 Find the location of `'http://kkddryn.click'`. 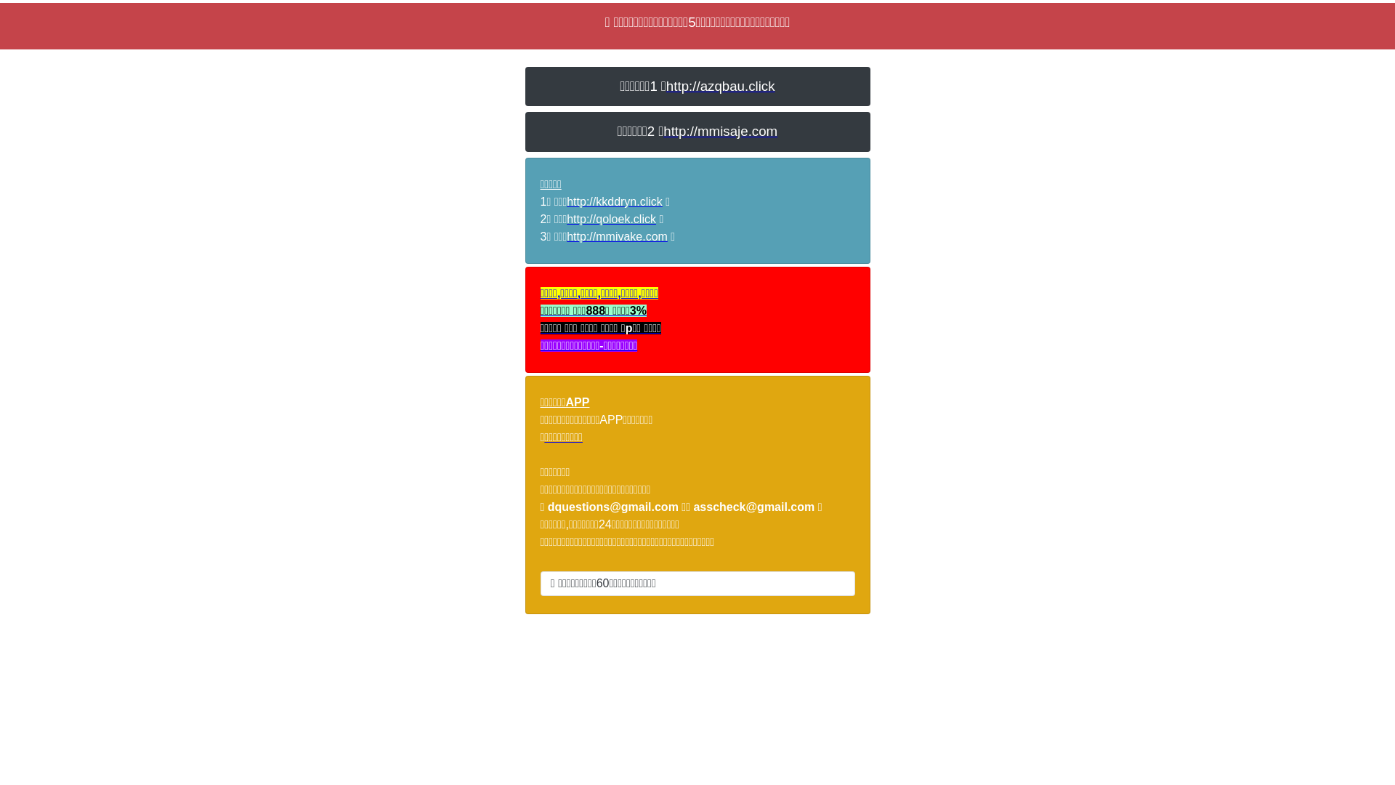

'http://kkddryn.click' is located at coordinates (565, 201).